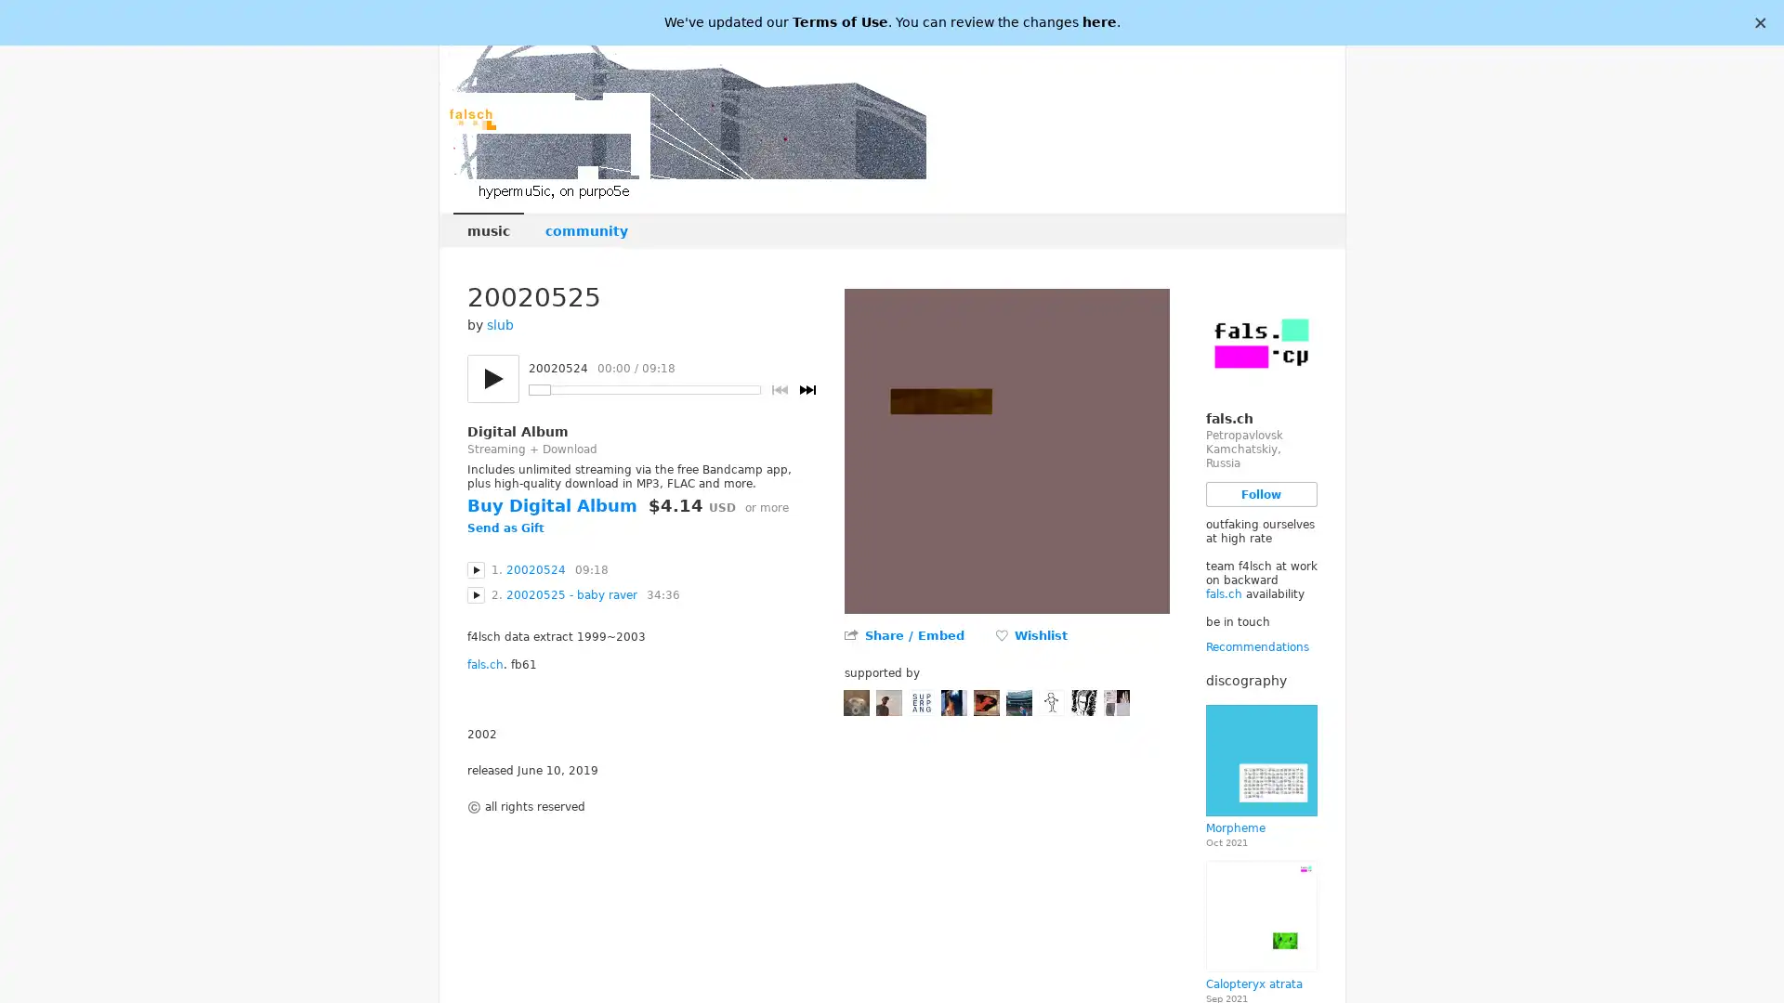  What do you see at coordinates (1261, 493) in the screenshot?
I see `Follow` at bounding box center [1261, 493].